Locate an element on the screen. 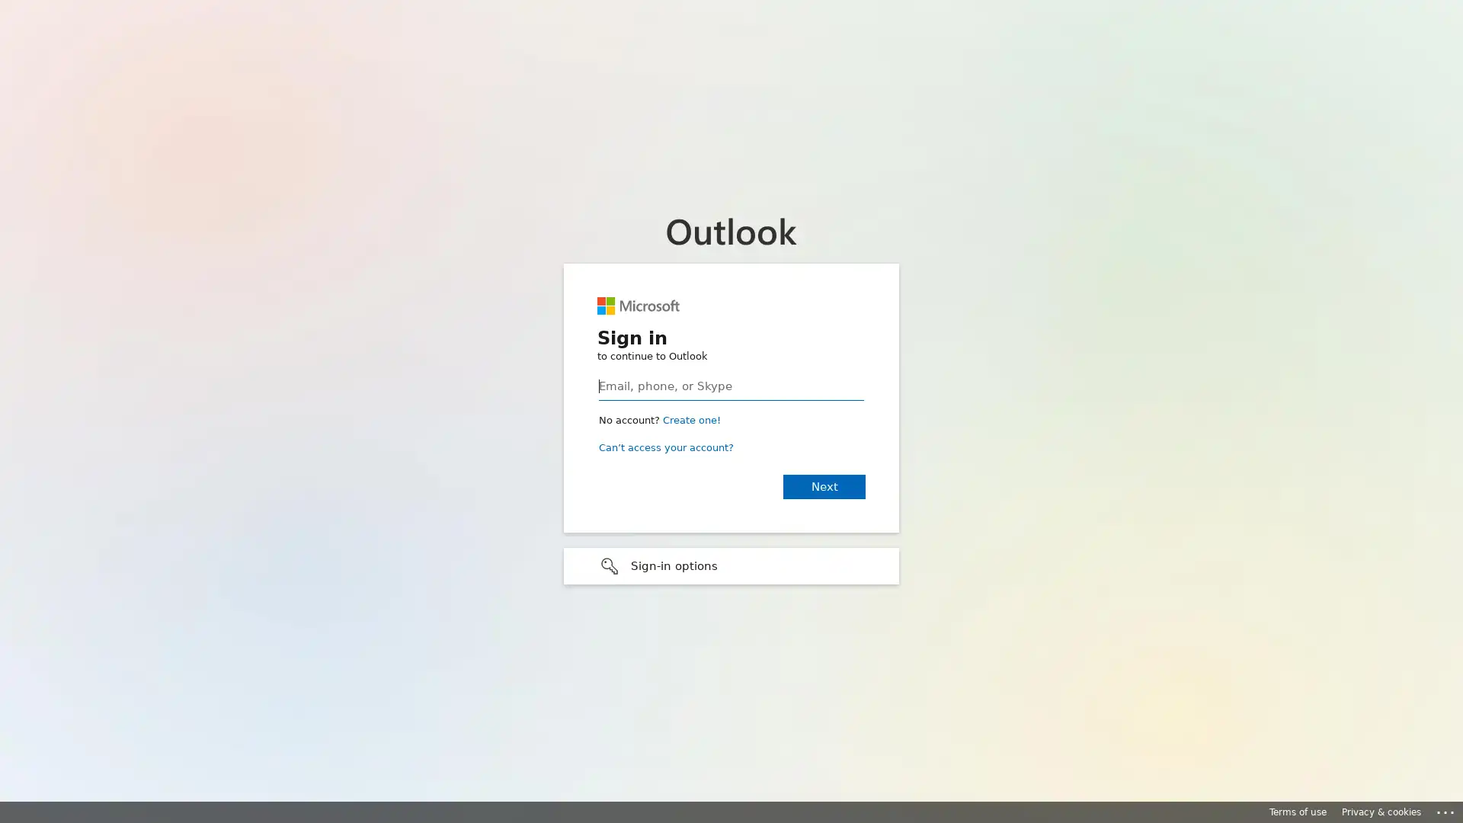 This screenshot has width=1463, height=823. Click here for troubleshooting information is located at coordinates (1445, 809).